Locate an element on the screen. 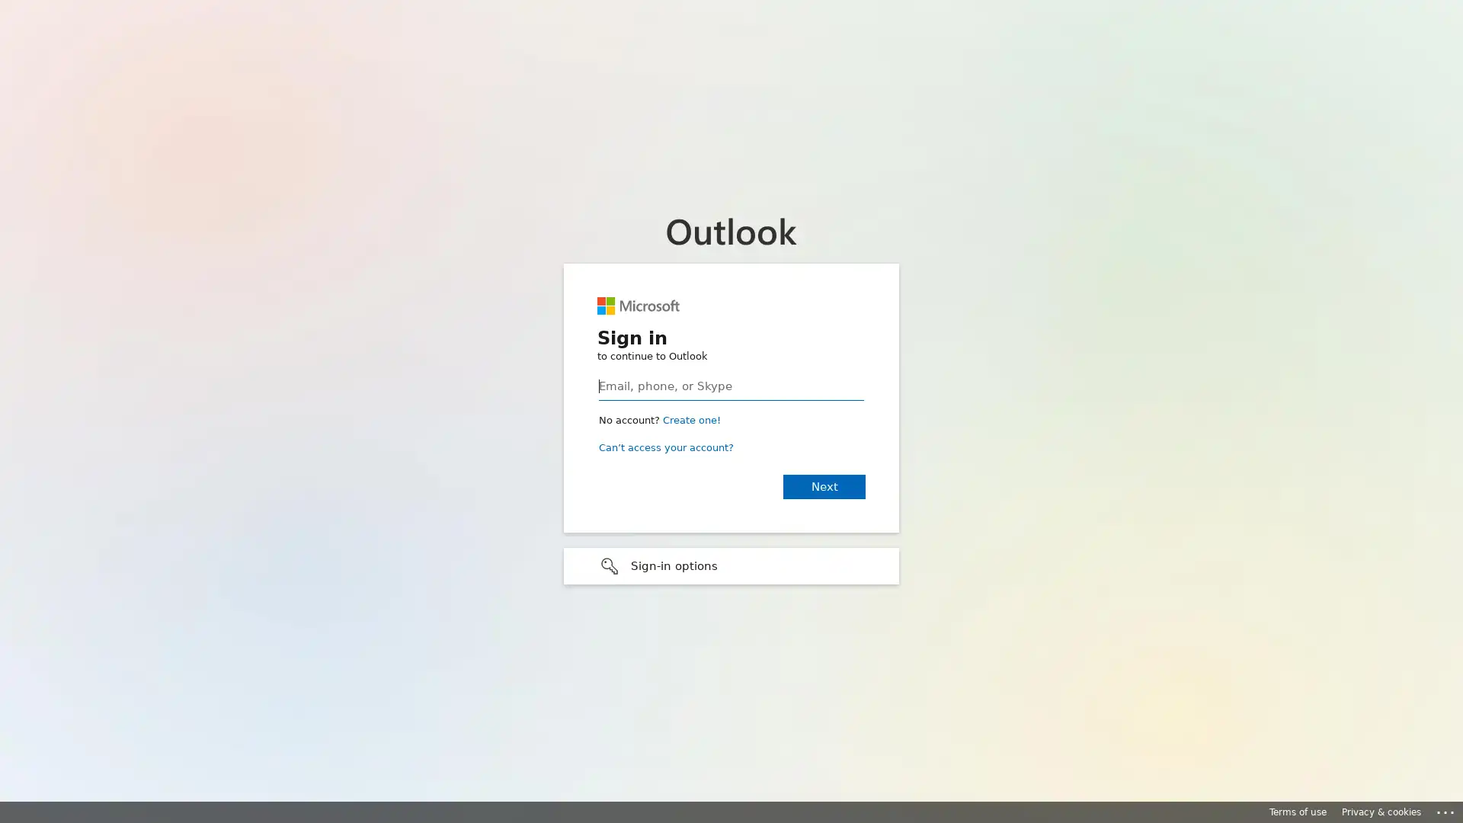 This screenshot has width=1463, height=823. Click here for troubleshooting information is located at coordinates (1445, 809).